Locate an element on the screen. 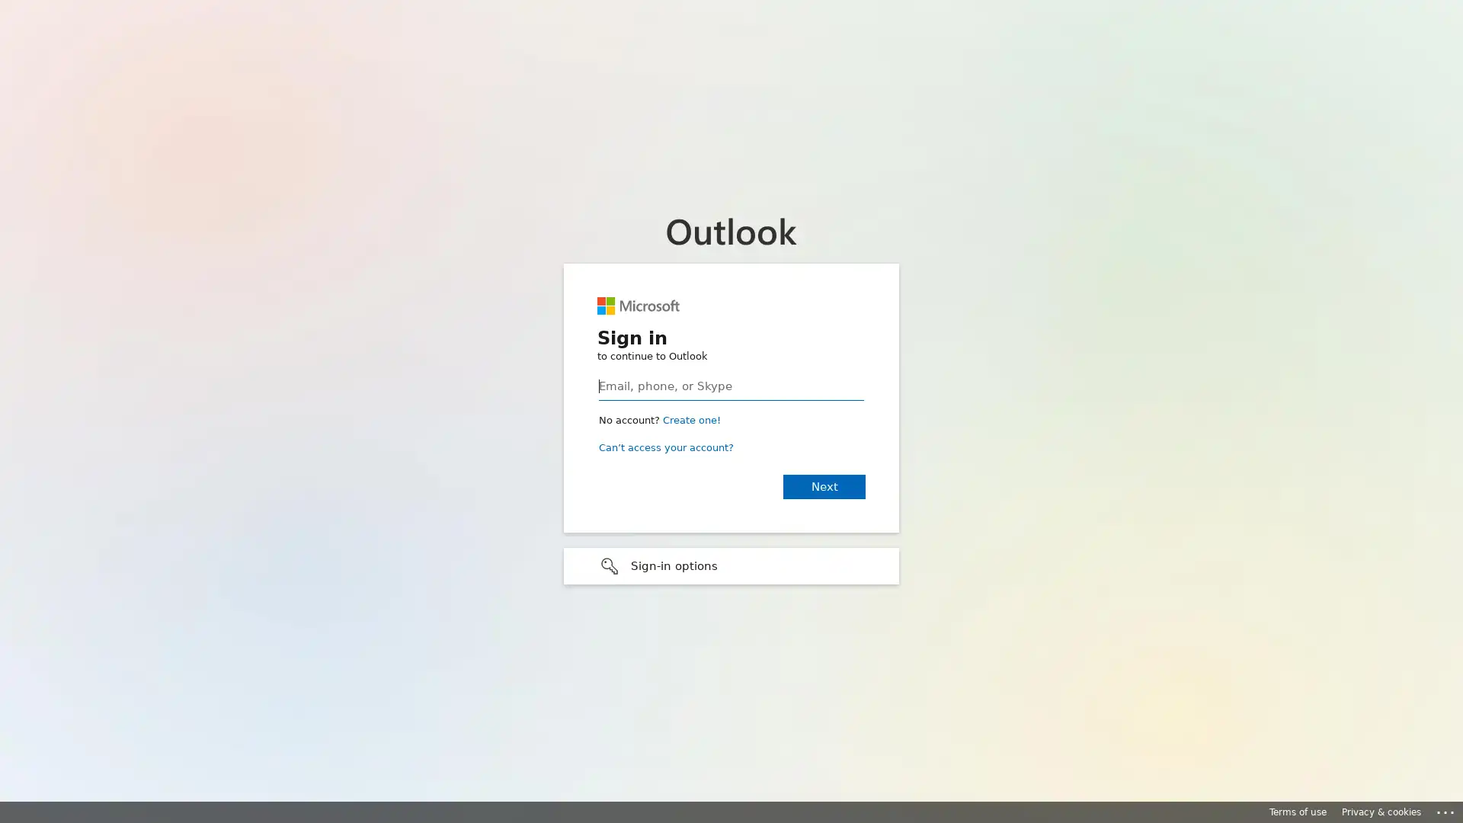 This screenshot has width=1463, height=823. Click here for troubleshooting information is located at coordinates (1445, 809).